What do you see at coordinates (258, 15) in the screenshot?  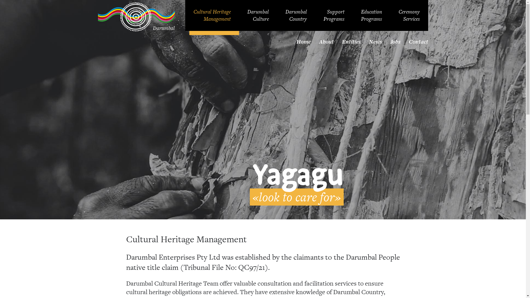 I see `'Darumbal` at bounding box center [258, 15].